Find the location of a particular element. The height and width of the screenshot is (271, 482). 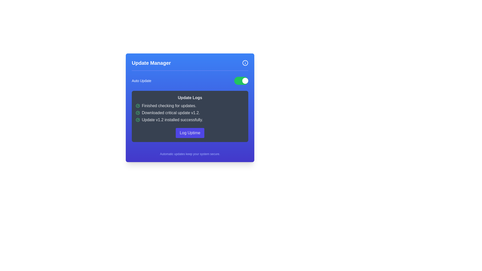

text label displaying 'Update Manager' which is prominently styled with a bright blue background, located at the top left of the Update Manager interface is located at coordinates (151, 62).